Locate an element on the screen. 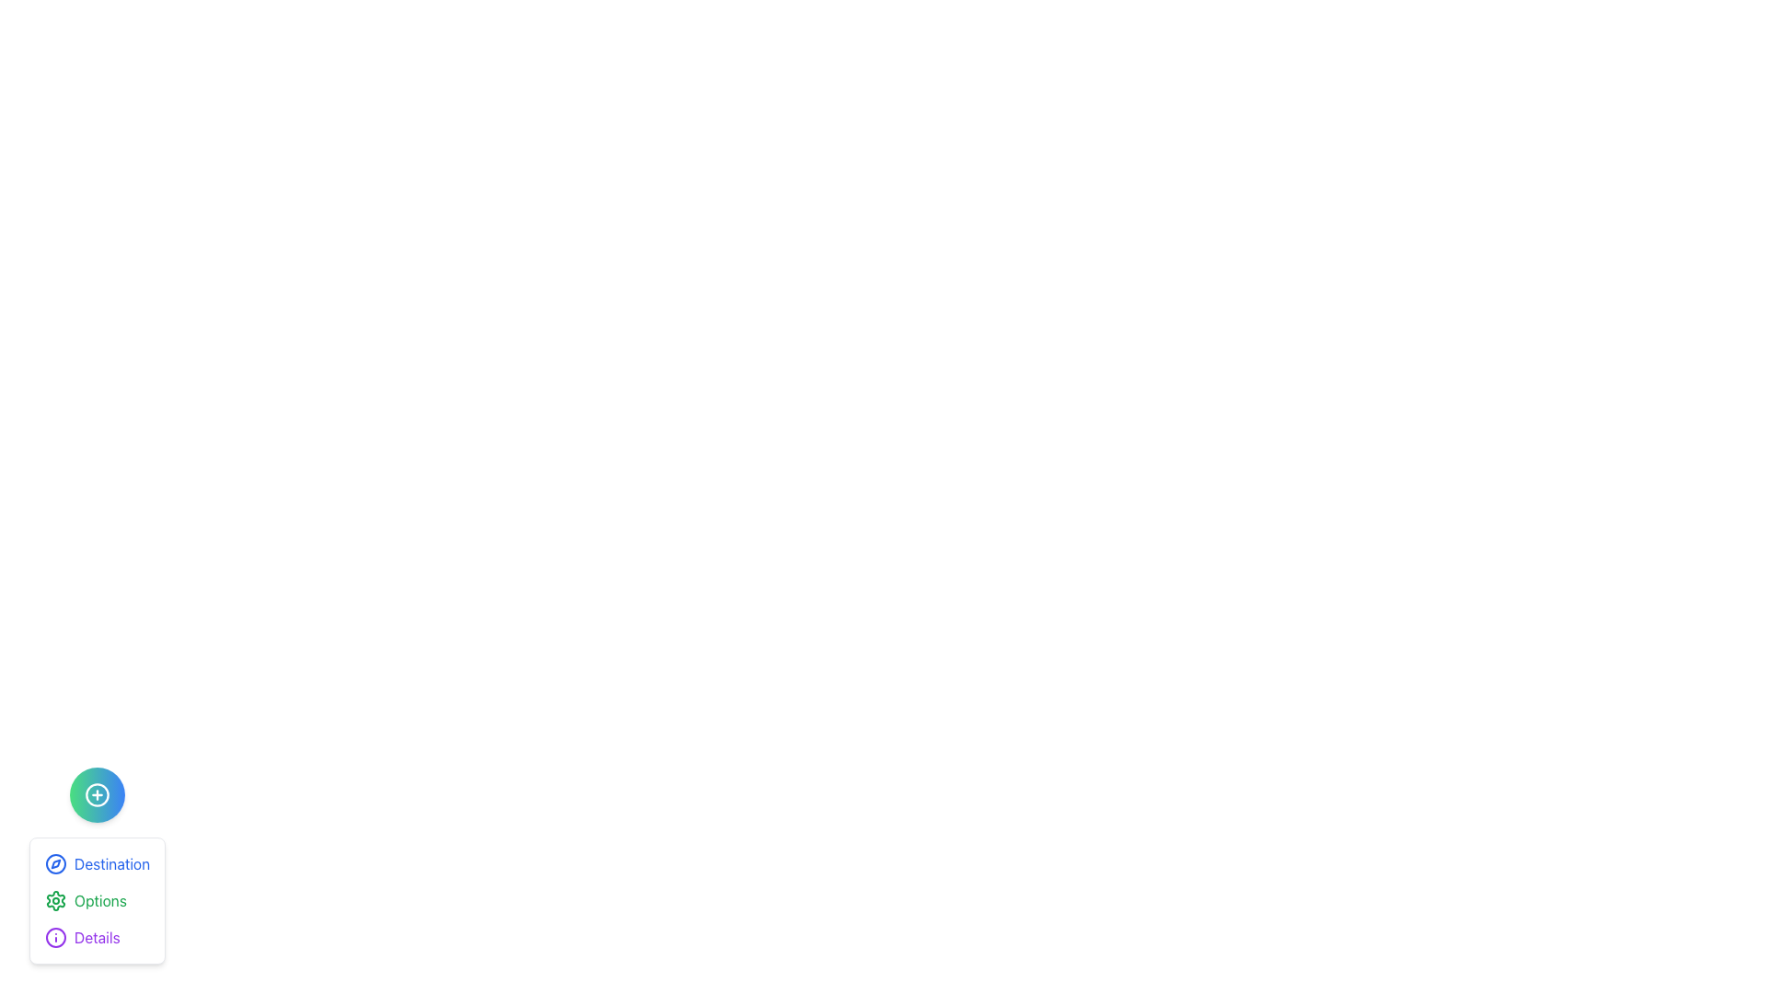 This screenshot has height=994, width=1767. the navigational icon representing the 'Destination' label, which is the first item in a vertical menu displayed below a plus button is located at coordinates (56, 863).